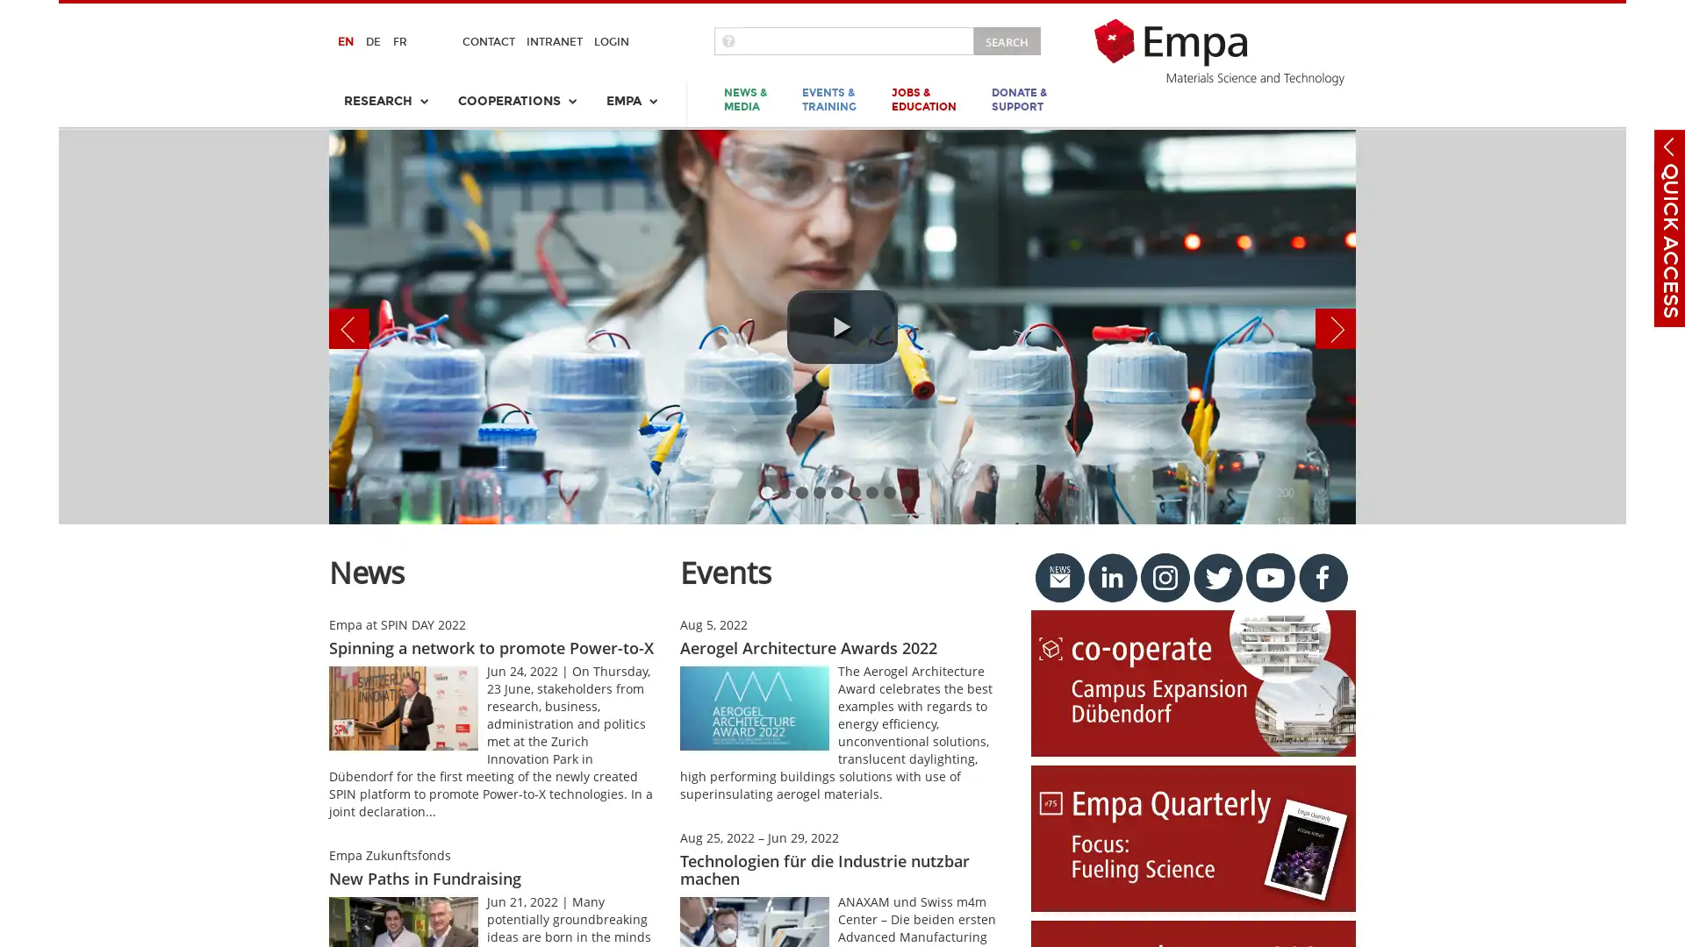  What do you see at coordinates (842, 327) in the screenshot?
I see `play video` at bounding box center [842, 327].